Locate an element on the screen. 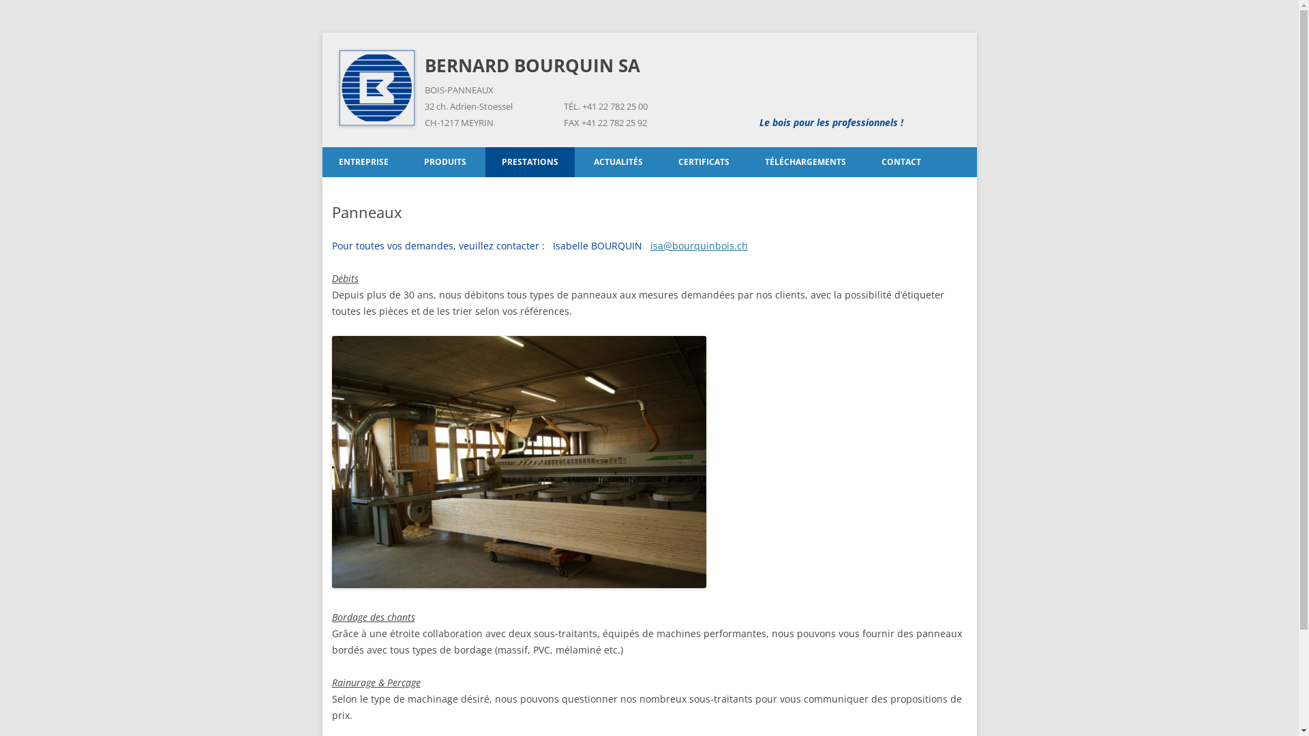  'isa@bourquinbois.ch' is located at coordinates (699, 245).